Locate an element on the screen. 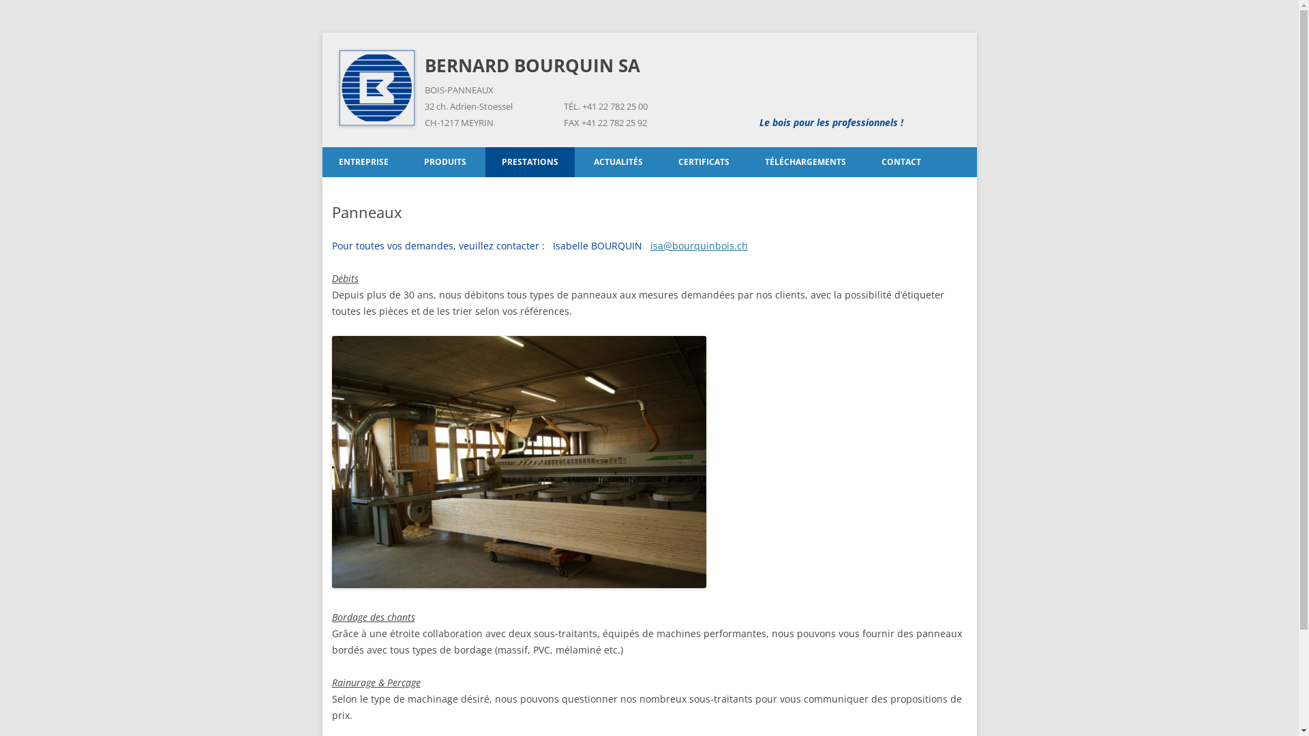  'isa@bourquinbois.ch' is located at coordinates (699, 245).